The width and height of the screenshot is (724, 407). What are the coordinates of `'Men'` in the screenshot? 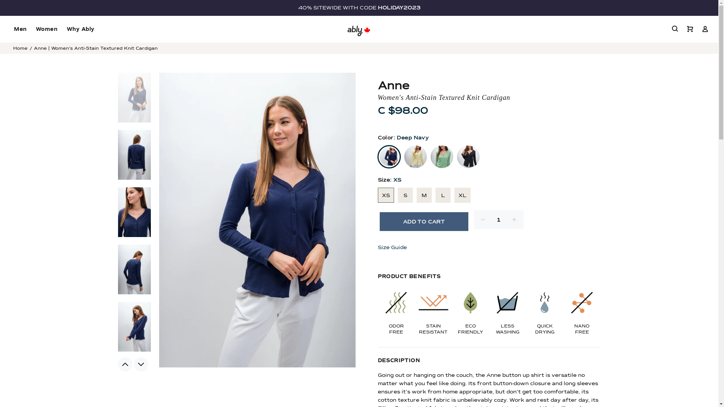 It's located at (9, 29).